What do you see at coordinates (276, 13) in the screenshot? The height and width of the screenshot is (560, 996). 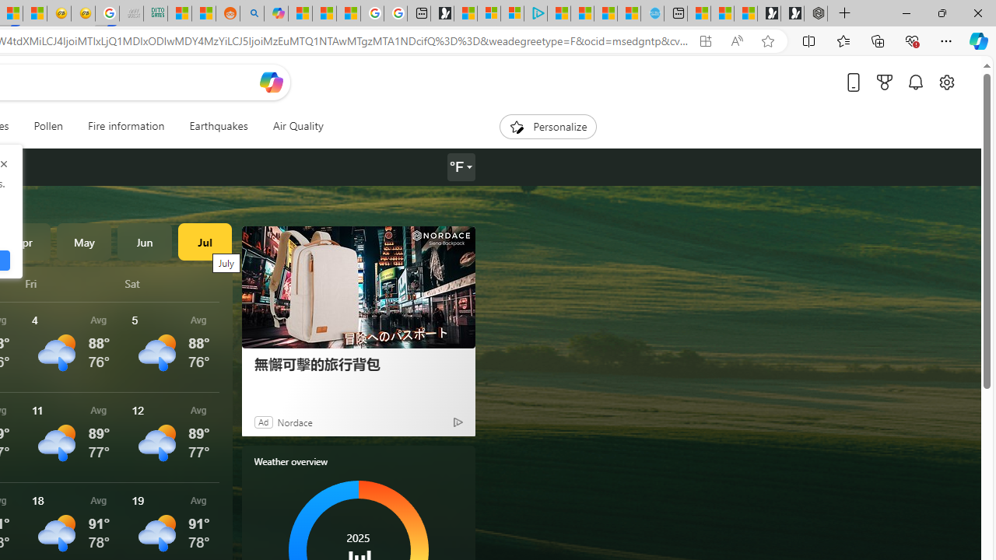 I see `'Microsoft Copilot in Bing'` at bounding box center [276, 13].